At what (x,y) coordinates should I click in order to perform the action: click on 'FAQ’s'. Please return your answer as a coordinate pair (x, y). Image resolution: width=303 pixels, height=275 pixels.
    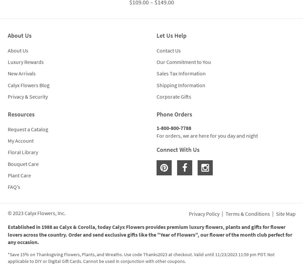
    Looking at the image, I should click on (13, 186).